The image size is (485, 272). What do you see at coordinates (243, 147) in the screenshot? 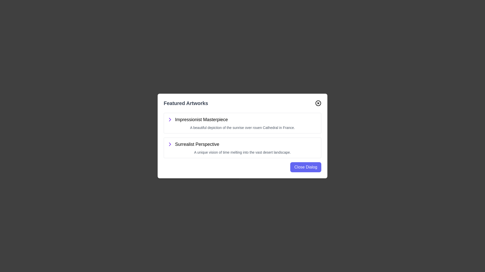
I see `the artwork item titled Surrealist Perspective` at bounding box center [243, 147].